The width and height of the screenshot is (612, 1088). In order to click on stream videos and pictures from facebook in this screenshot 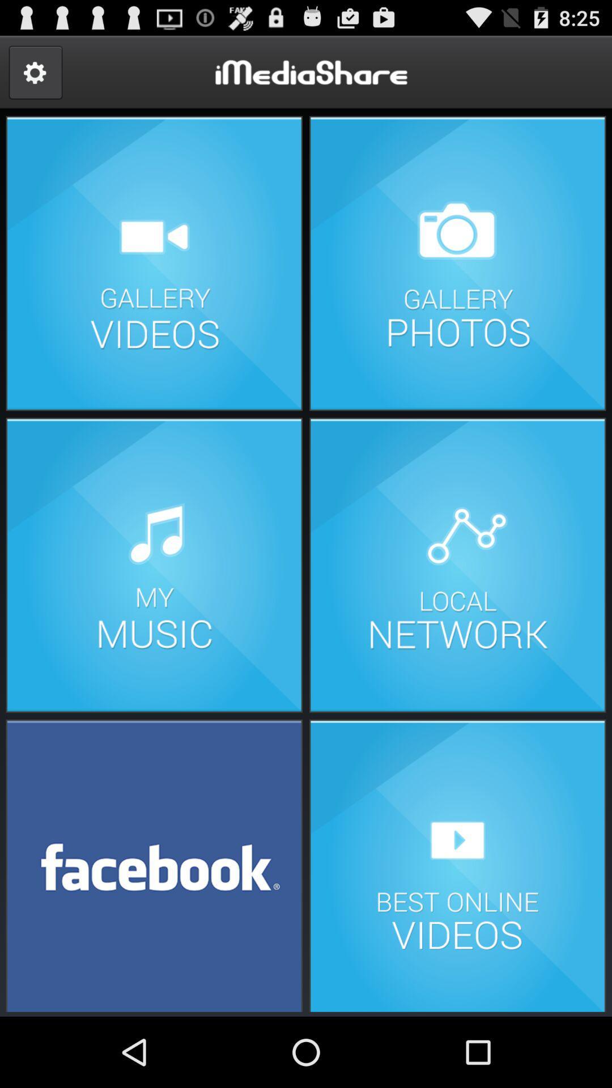, I will do `click(154, 864)`.